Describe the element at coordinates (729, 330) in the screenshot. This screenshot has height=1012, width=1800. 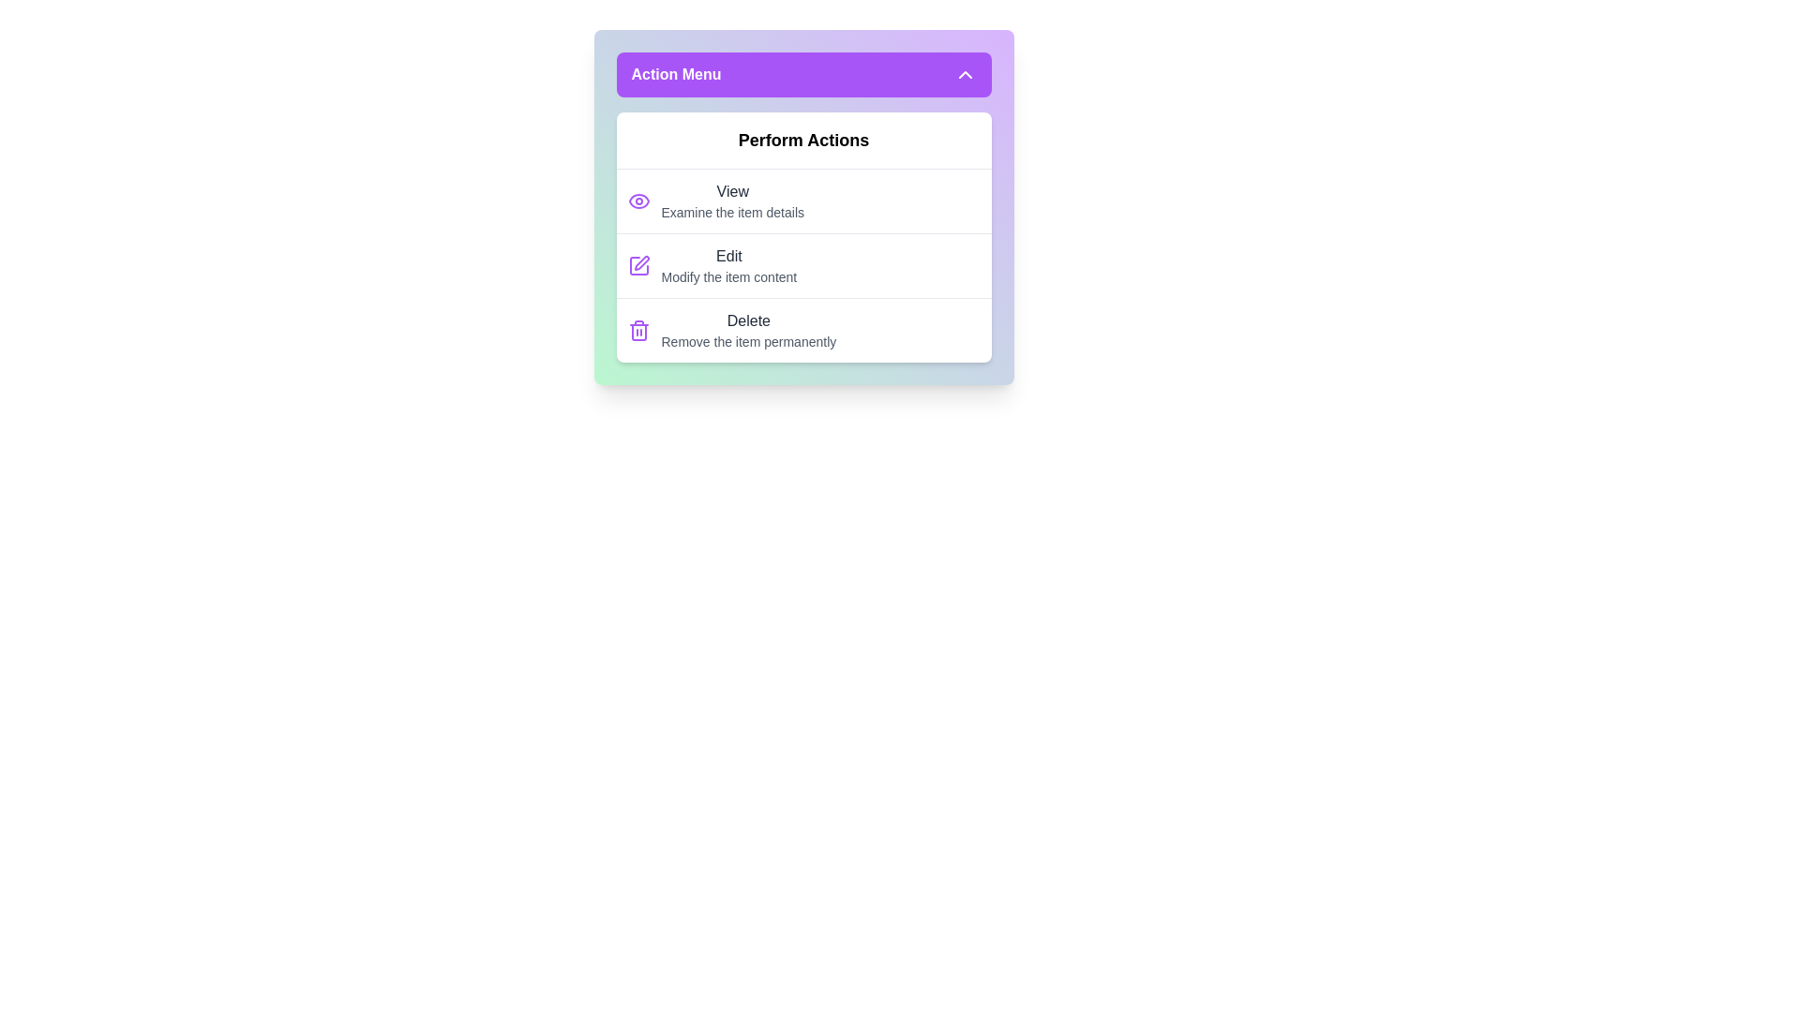
I see `the 'Delete' action item in the menu` at that location.